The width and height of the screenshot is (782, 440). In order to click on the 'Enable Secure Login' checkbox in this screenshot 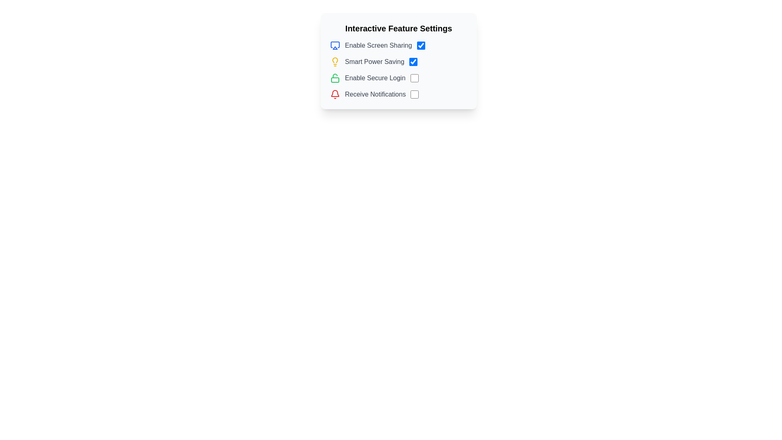, I will do `click(399, 78)`.